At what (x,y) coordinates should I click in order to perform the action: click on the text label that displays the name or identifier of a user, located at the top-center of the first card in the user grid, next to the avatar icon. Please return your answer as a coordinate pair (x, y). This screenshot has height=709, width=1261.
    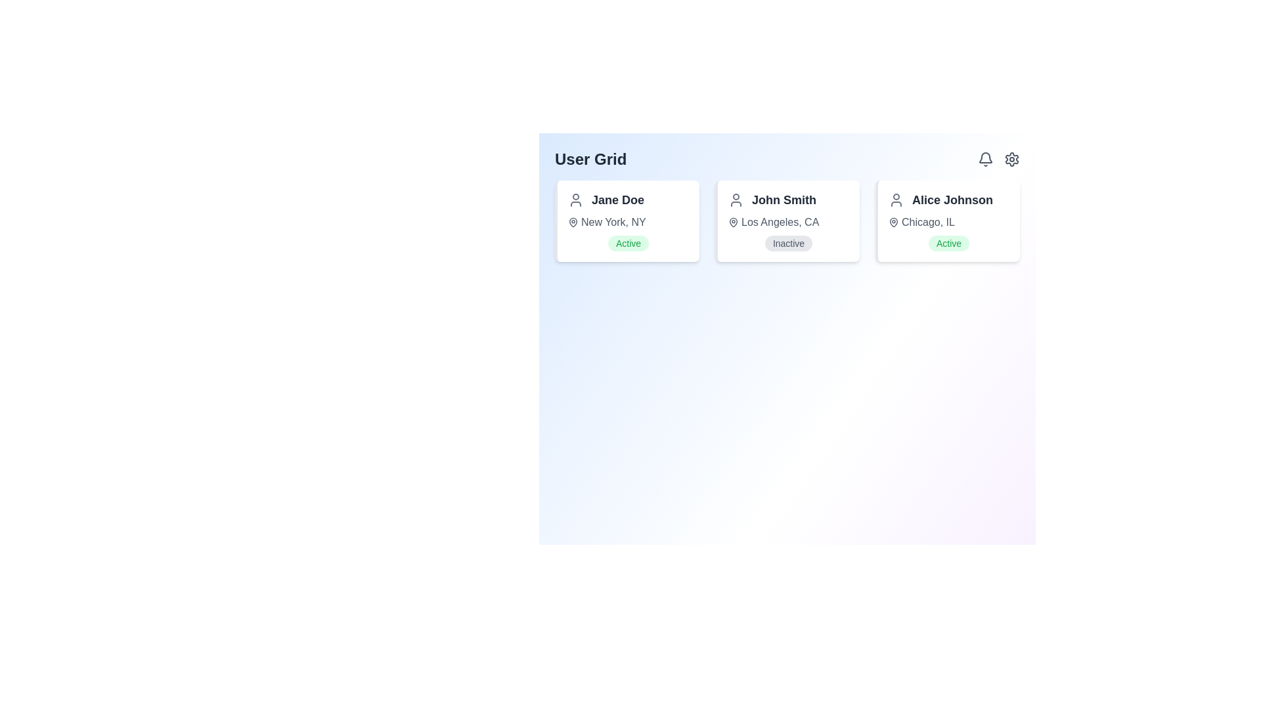
    Looking at the image, I should click on (617, 200).